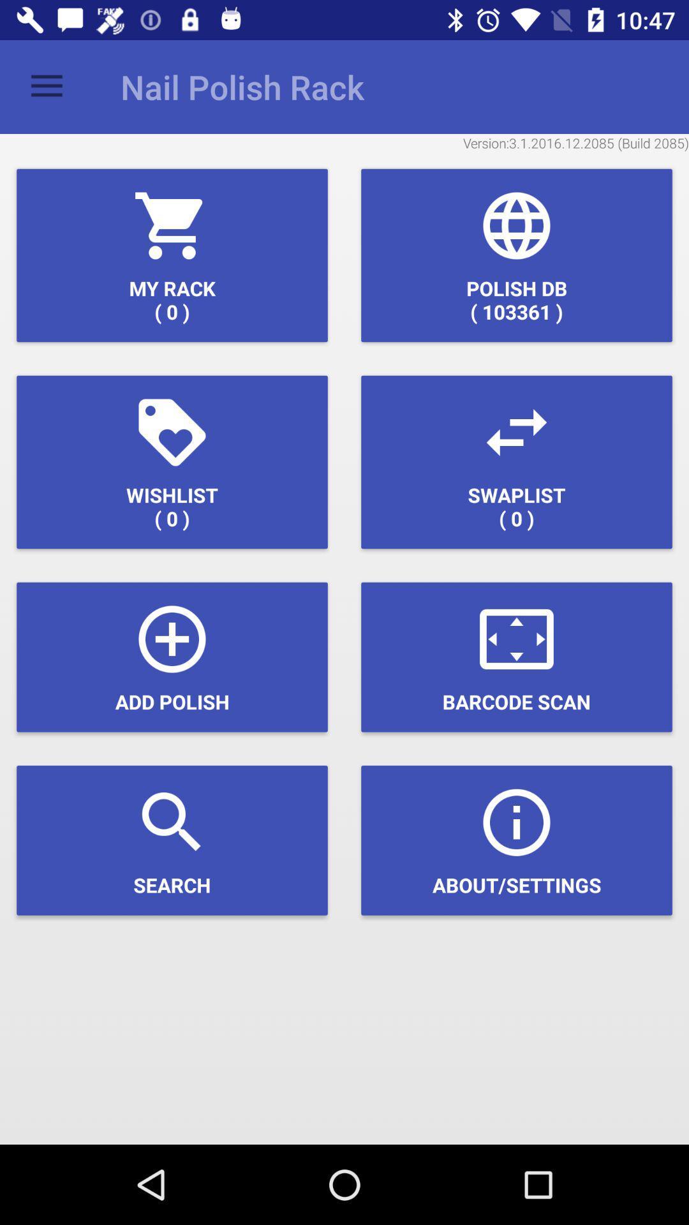 The height and width of the screenshot is (1225, 689). Describe the element at coordinates (517, 657) in the screenshot. I see `icon below swaplist` at that location.